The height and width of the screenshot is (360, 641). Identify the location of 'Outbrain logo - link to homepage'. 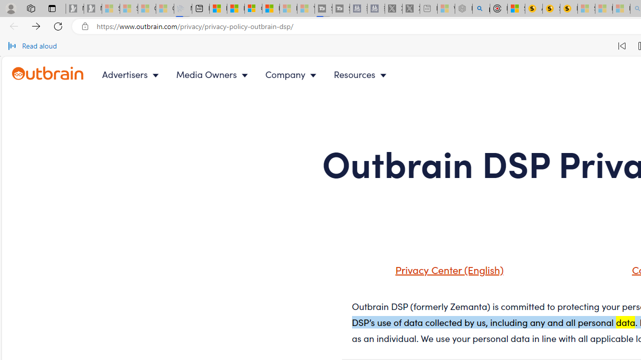
(48, 73).